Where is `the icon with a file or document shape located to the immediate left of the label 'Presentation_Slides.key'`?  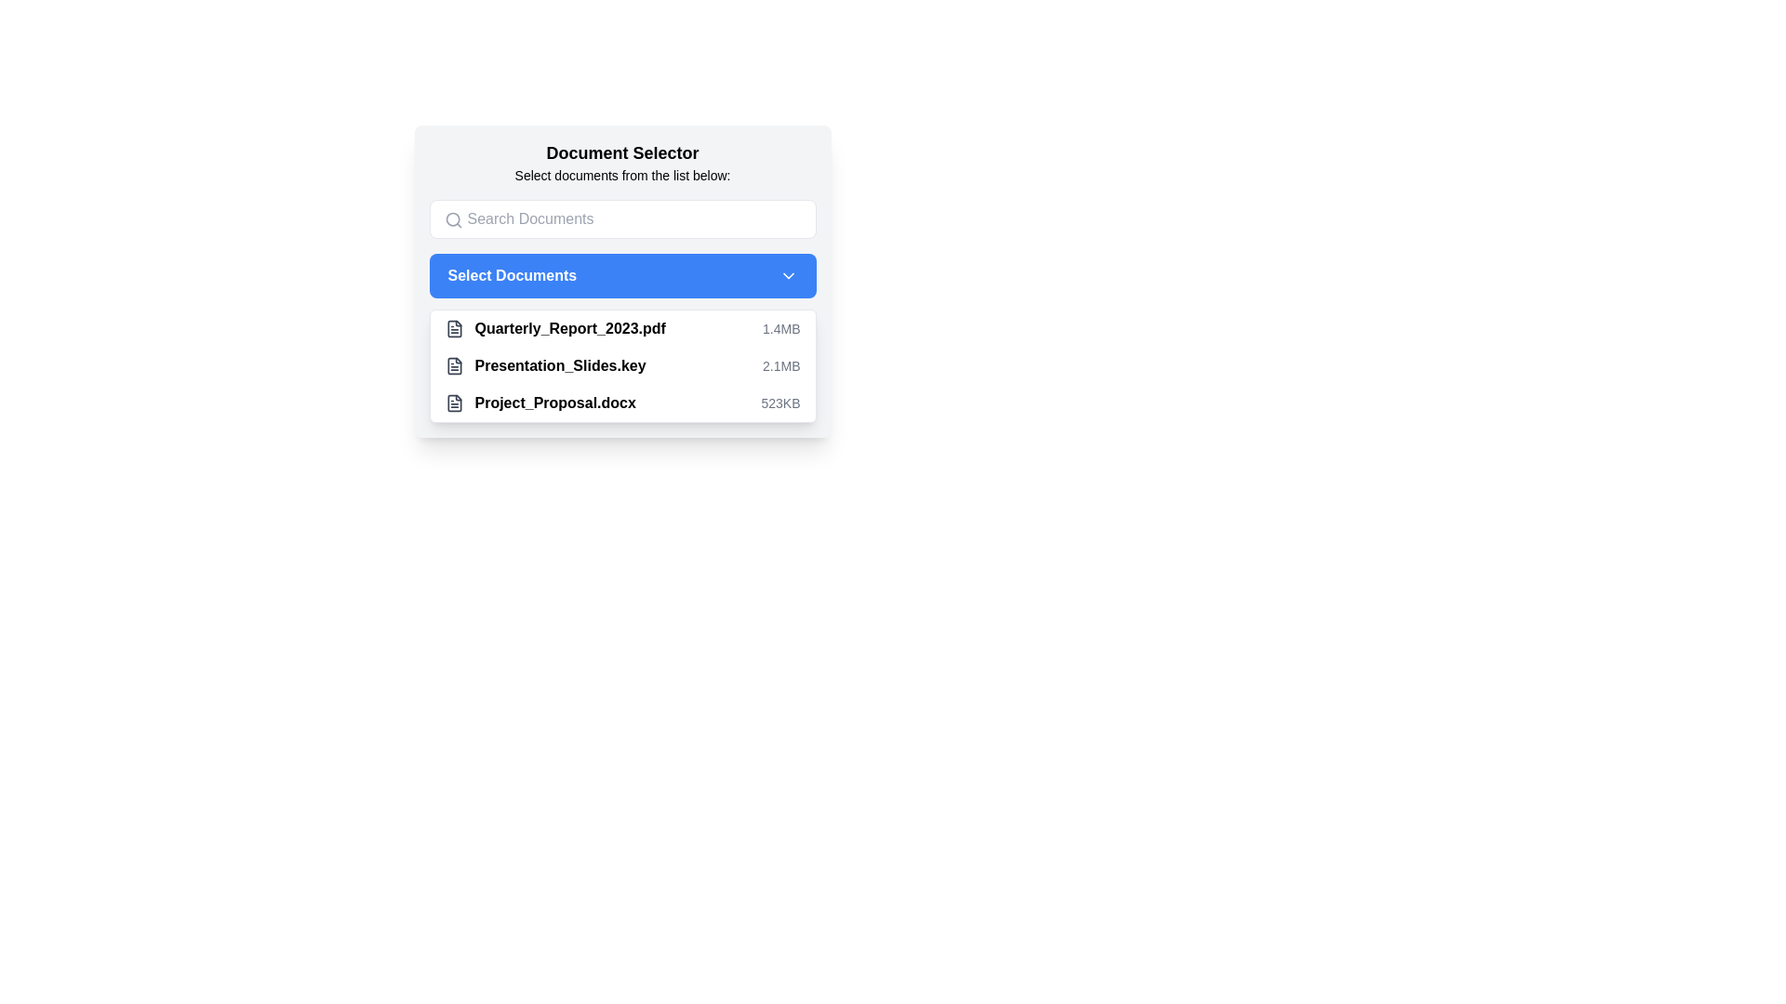 the icon with a file or document shape located to the immediate left of the label 'Presentation_Slides.key' is located at coordinates (454, 365).